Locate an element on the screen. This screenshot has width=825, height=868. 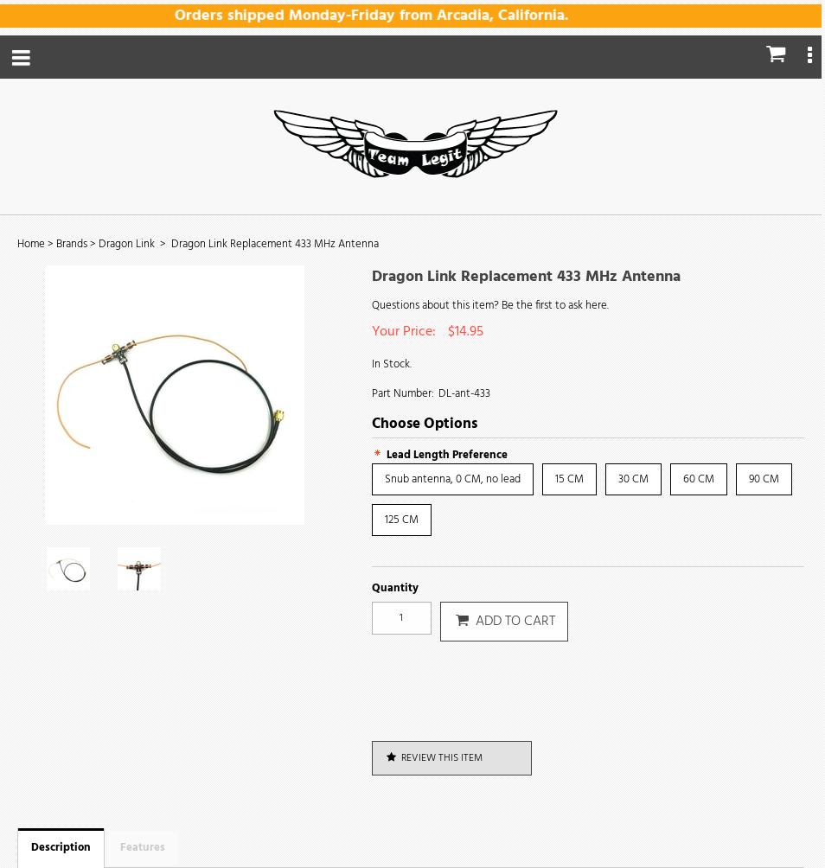
'Home' is located at coordinates (29, 243).